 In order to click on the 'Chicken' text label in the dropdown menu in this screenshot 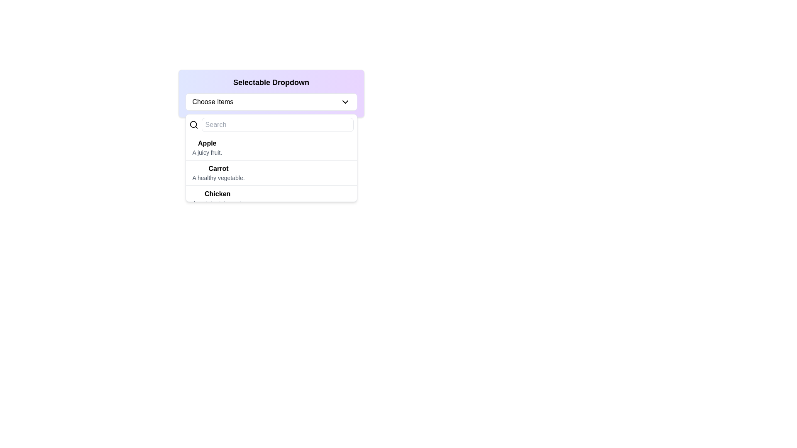, I will do `click(218, 194)`.